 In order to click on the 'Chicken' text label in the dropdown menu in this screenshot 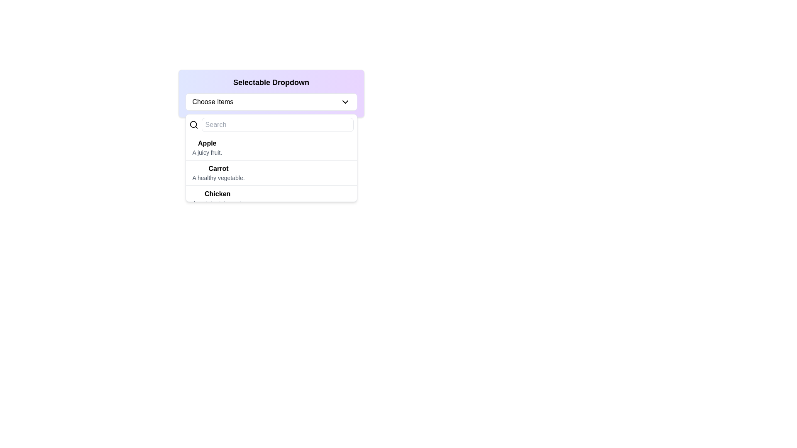, I will do `click(218, 194)`.